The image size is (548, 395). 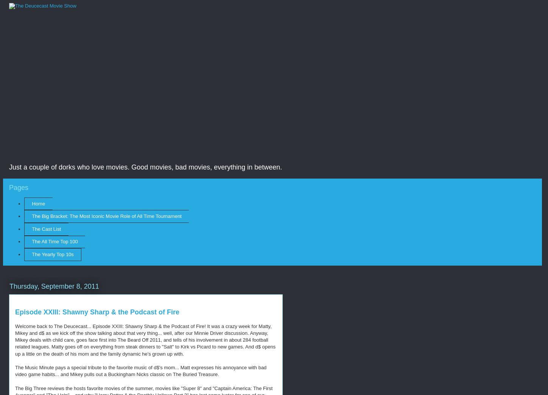 What do you see at coordinates (46, 229) in the screenshot?
I see `'The Cast List'` at bounding box center [46, 229].